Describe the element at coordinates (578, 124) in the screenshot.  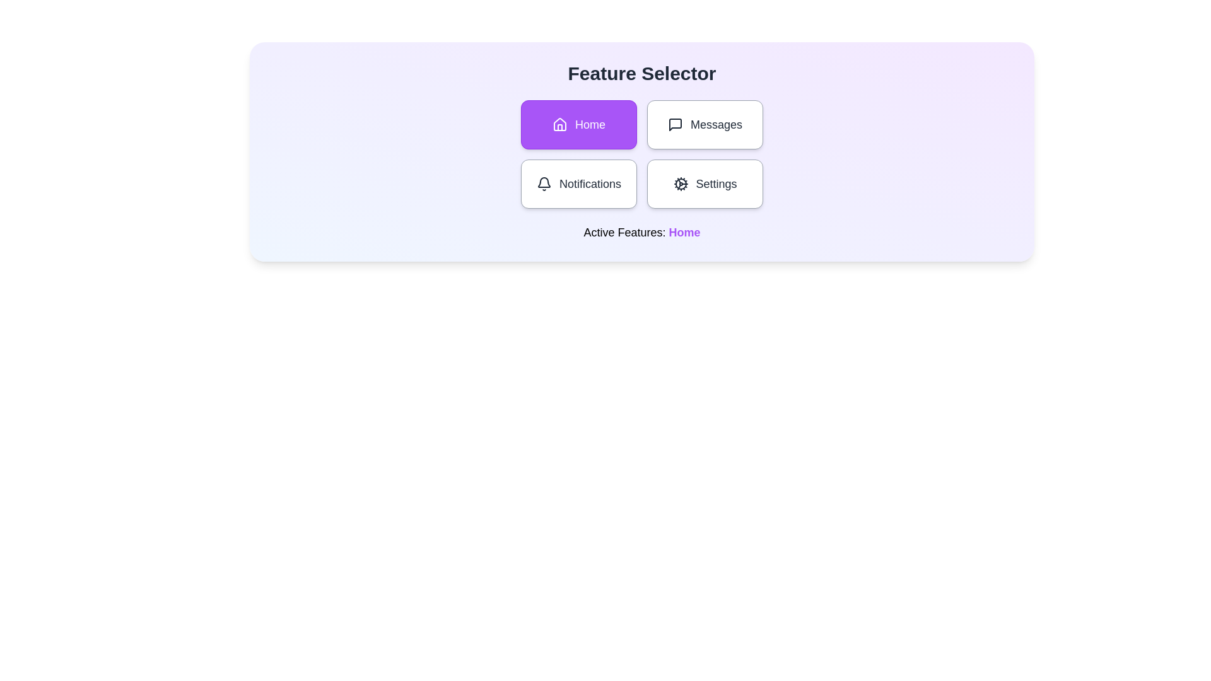
I see `the 'Home' button, which is a rectangular button with rounded corners, a vibrant purple background, and white text displaying 'Home', located at the top-left corner of a 2x2 grid layout` at that location.